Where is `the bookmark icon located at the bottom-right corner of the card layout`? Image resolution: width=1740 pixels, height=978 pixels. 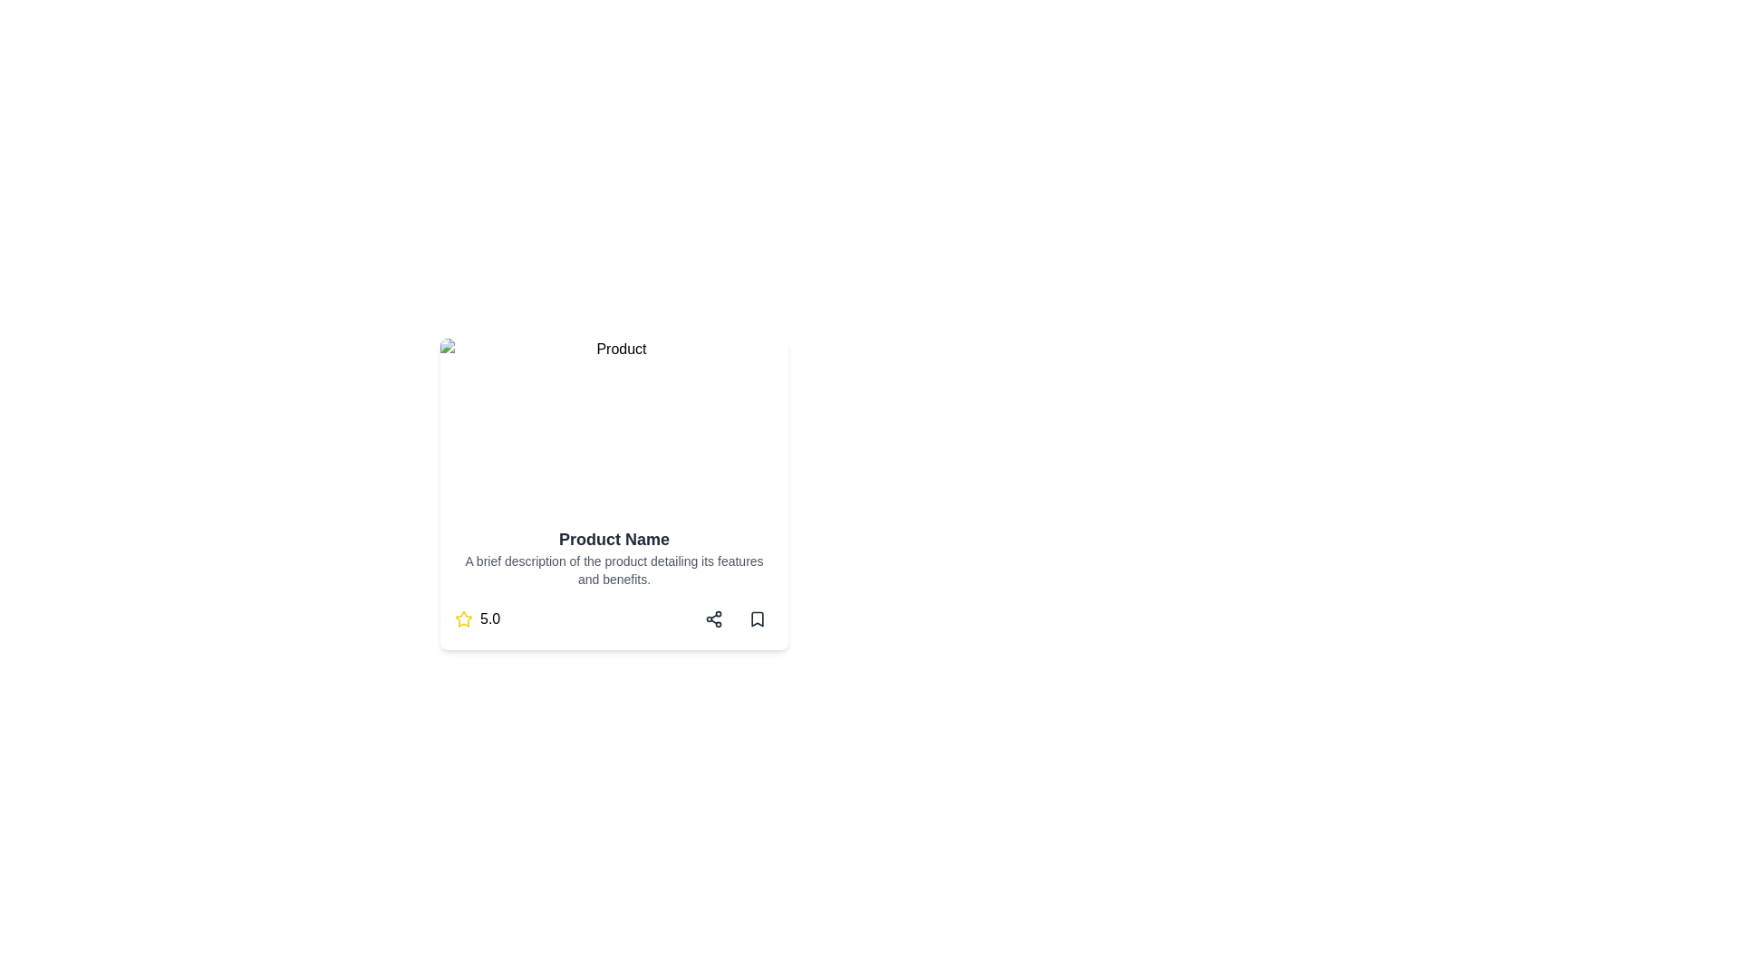
the bookmark icon located at the bottom-right corner of the card layout is located at coordinates (757, 618).